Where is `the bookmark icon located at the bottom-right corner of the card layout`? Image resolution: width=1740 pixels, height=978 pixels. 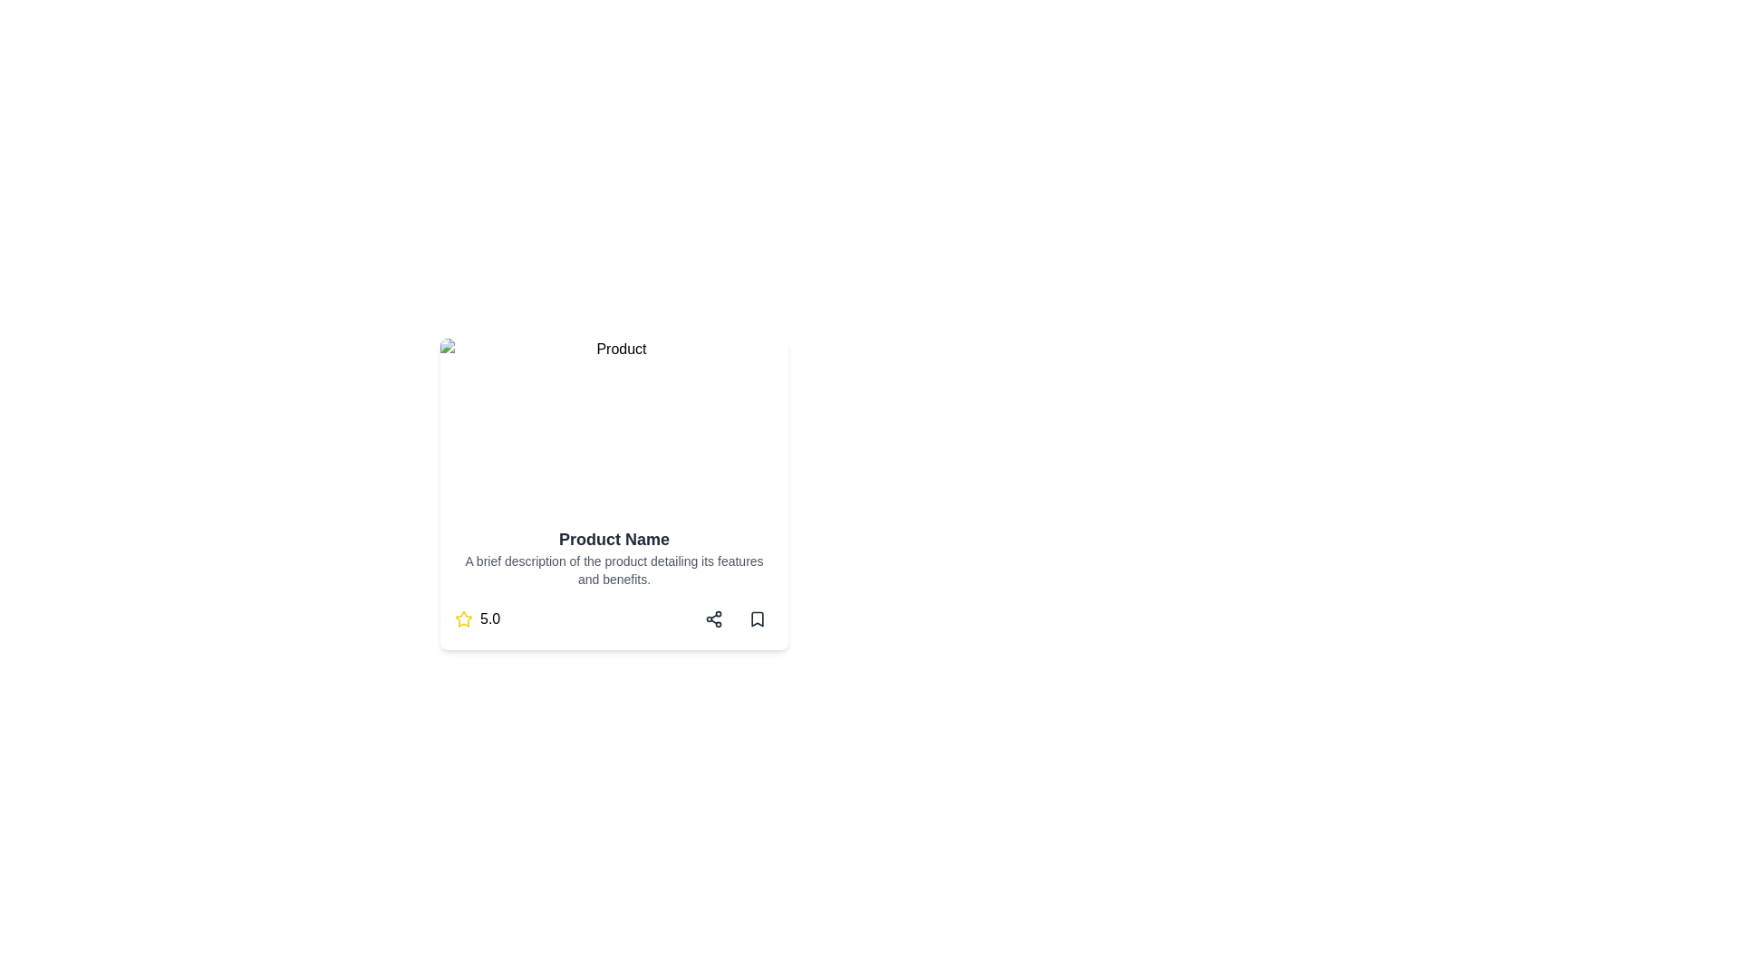
the bookmark icon located at the bottom-right corner of the card layout is located at coordinates (757, 618).